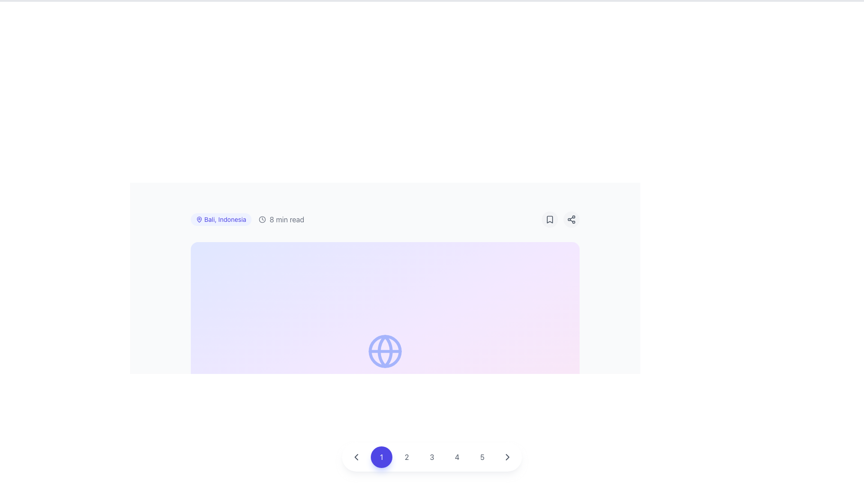  Describe the element at coordinates (571, 220) in the screenshot. I see `the share icon within the rounded light-gray button located in the top-right corner of the content card layout` at that location.